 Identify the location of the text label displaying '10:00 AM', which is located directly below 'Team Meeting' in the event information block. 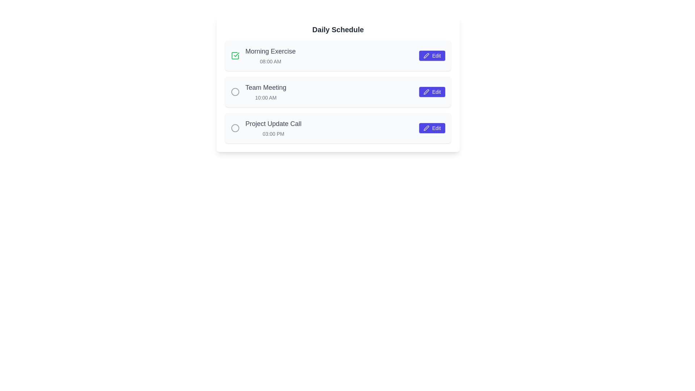
(265, 98).